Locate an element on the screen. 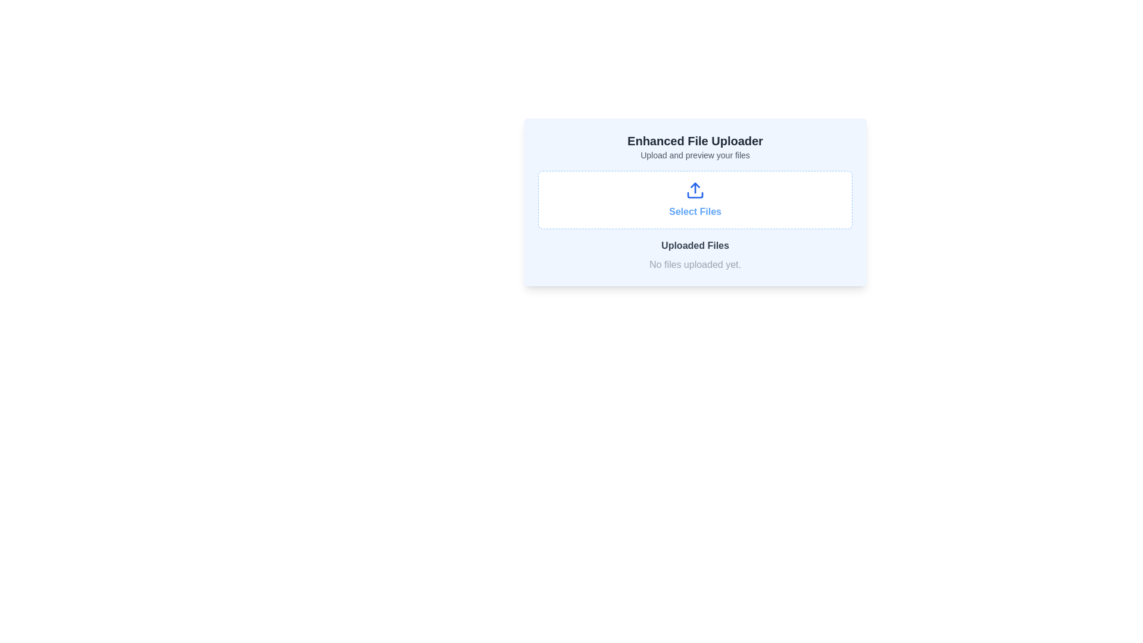 This screenshot has height=643, width=1143. the Text label that serves as a section header for uploaded files, located centrally below the upload section and above the 'No files uploaded yet.' message is located at coordinates (695, 245).